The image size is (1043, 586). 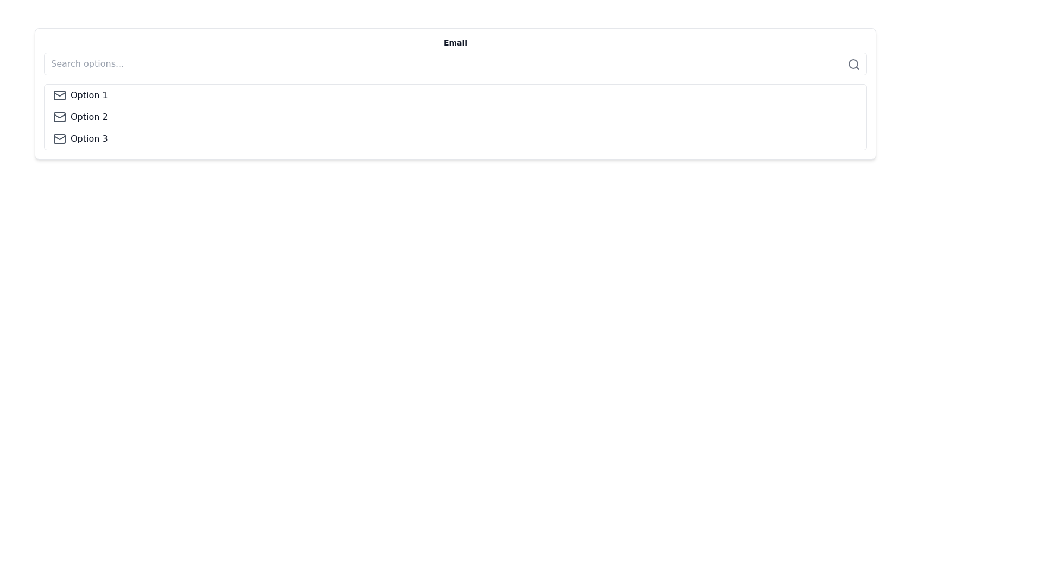 I want to click on the envelope icon representing email functionality located to the left of the 'Option 2' label in the vertical list, so click(x=59, y=117).